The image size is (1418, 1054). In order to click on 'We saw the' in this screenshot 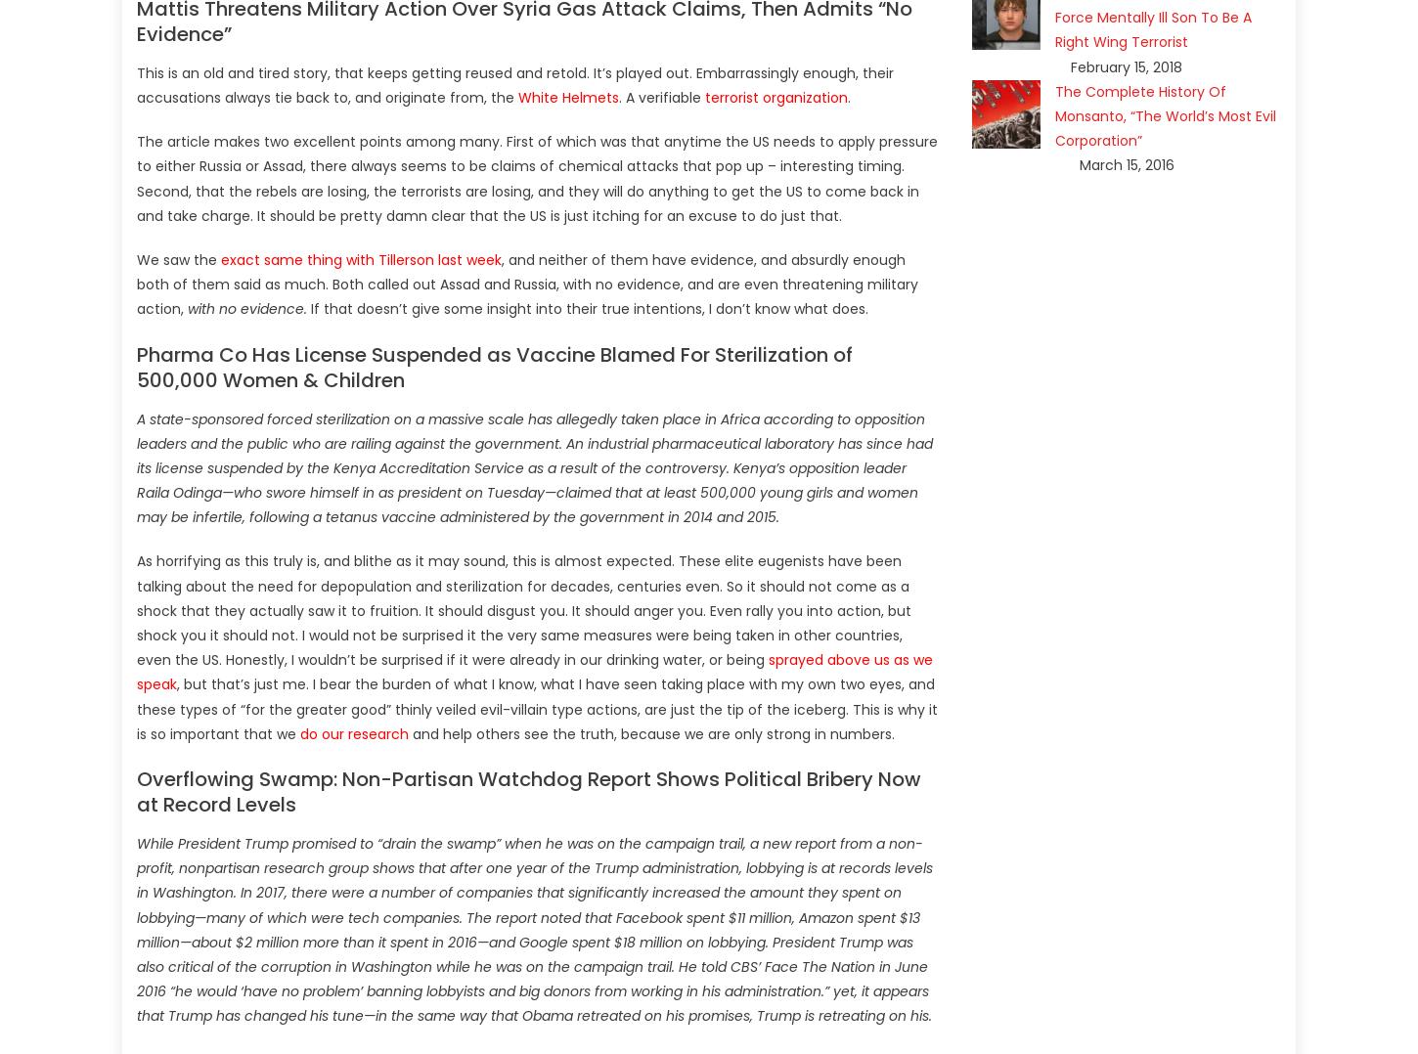, I will do `click(177, 257)`.